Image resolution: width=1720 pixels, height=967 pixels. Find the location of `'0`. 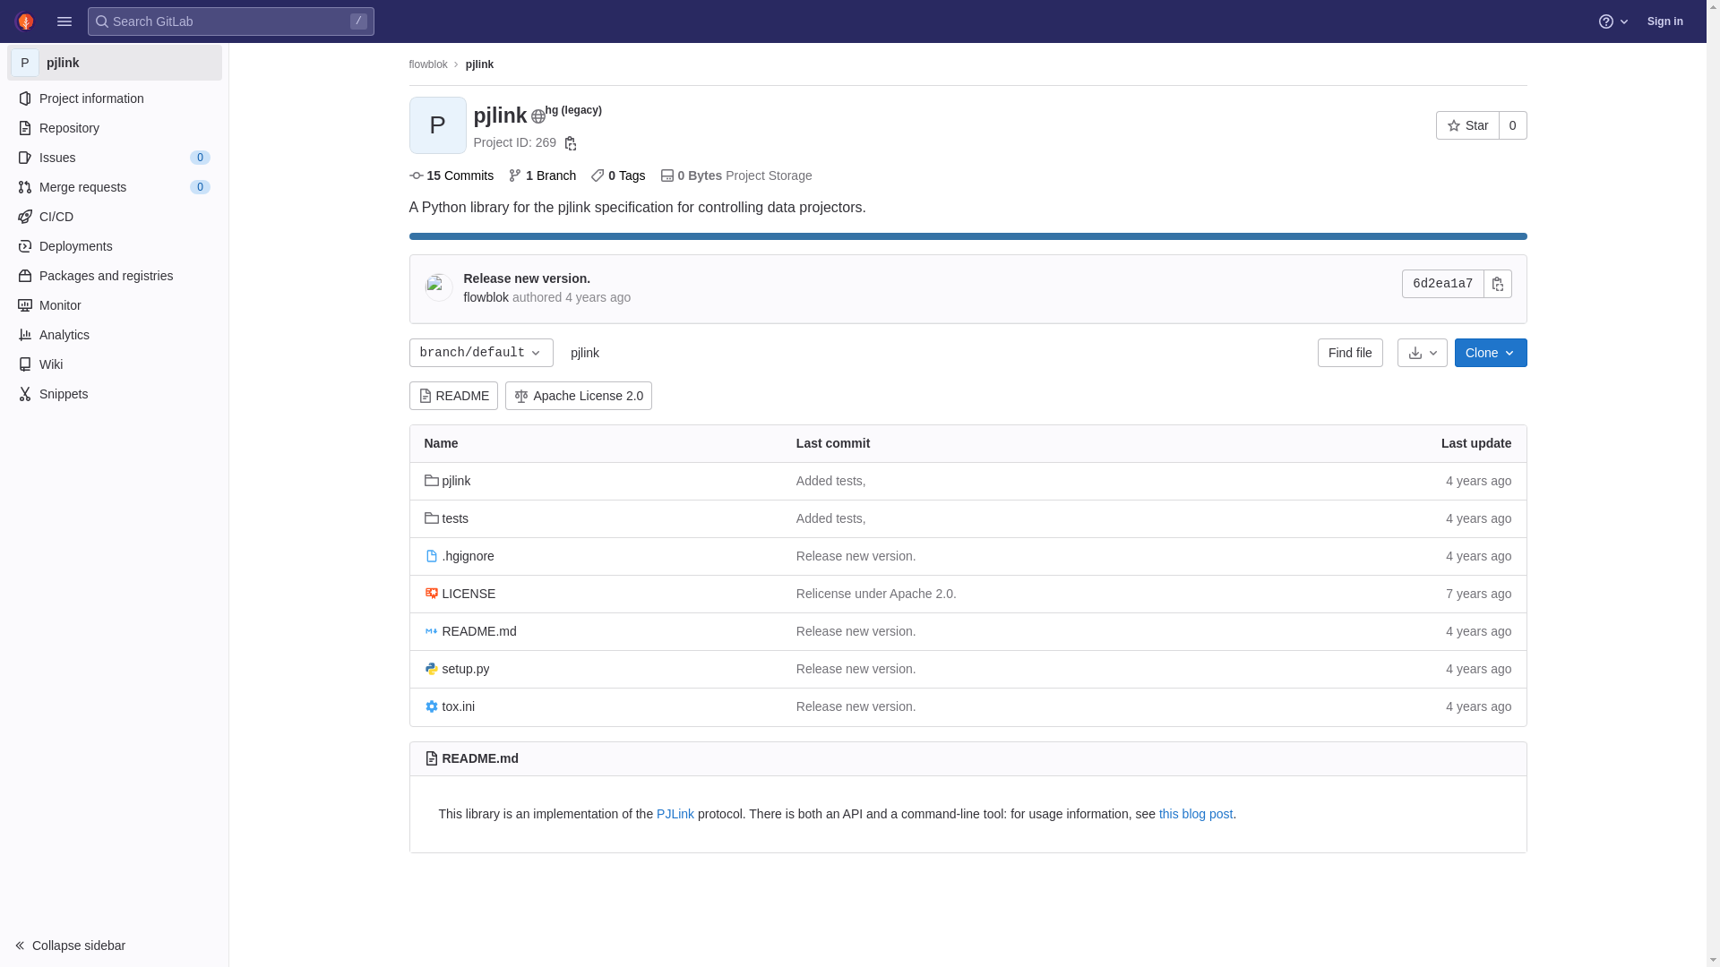

'0 is located at coordinates (617, 175).